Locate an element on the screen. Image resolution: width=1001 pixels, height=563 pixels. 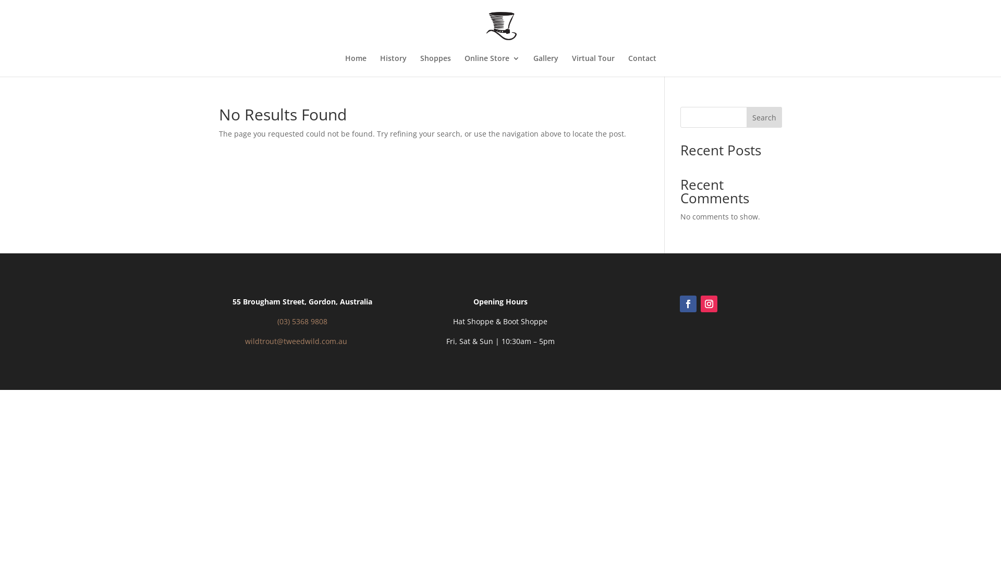
'History' is located at coordinates (392, 66).